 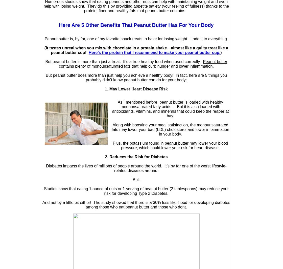 I want to click on 'Diabetes impacts the lives of millions of people around the world.  It’s by far one of the worst lifestyle-related diseases around.', so click(x=136, y=168).